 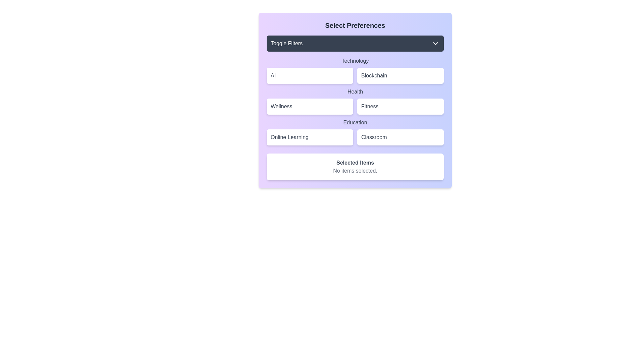 What do you see at coordinates (355, 101) in the screenshot?
I see `a button from the group of preference categories labeled 'Technology', 'Health', or 'Education' which are organized into sections within the 'Select Preferences' card` at bounding box center [355, 101].